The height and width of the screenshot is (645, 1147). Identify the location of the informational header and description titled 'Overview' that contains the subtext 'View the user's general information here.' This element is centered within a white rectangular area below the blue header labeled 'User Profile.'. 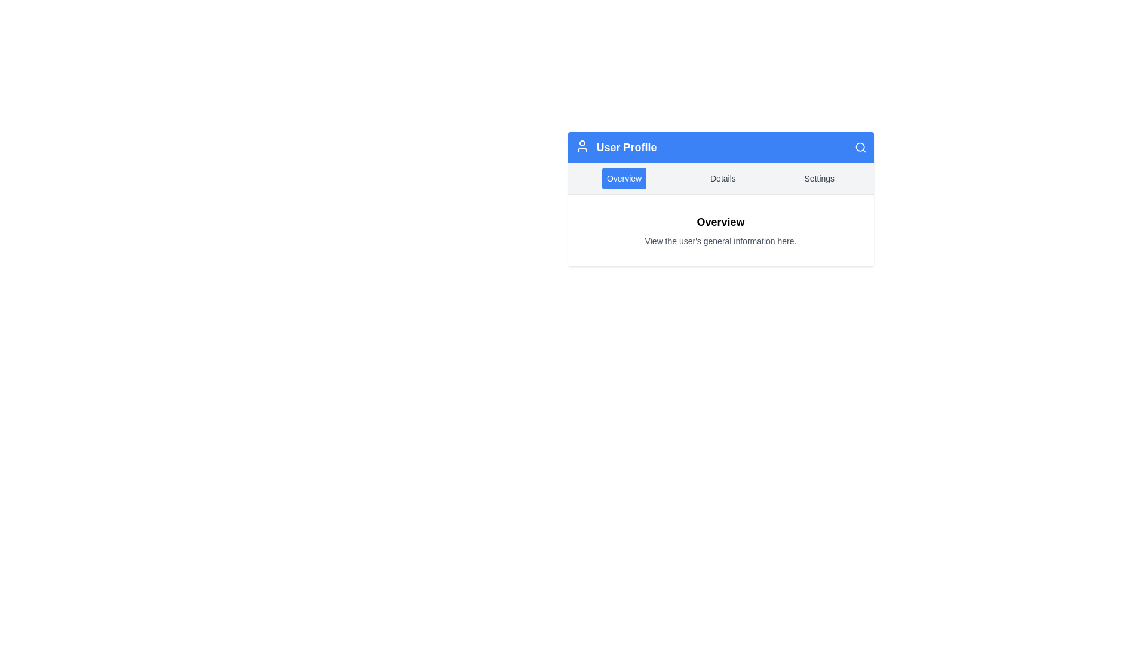
(720, 230).